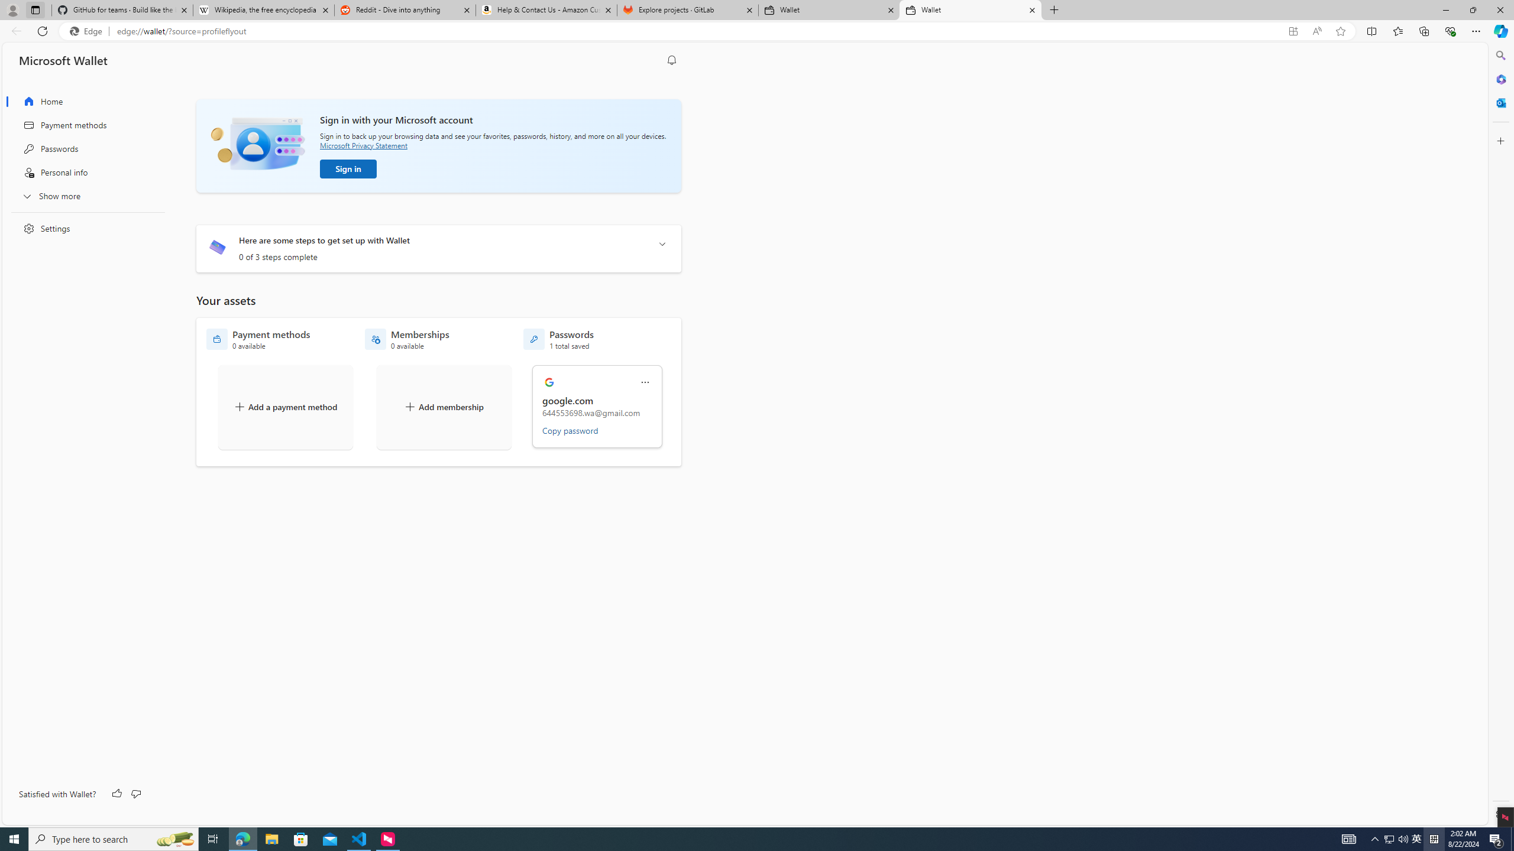  What do you see at coordinates (969, 9) in the screenshot?
I see `'Wallet'` at bounding box center [969, 9].